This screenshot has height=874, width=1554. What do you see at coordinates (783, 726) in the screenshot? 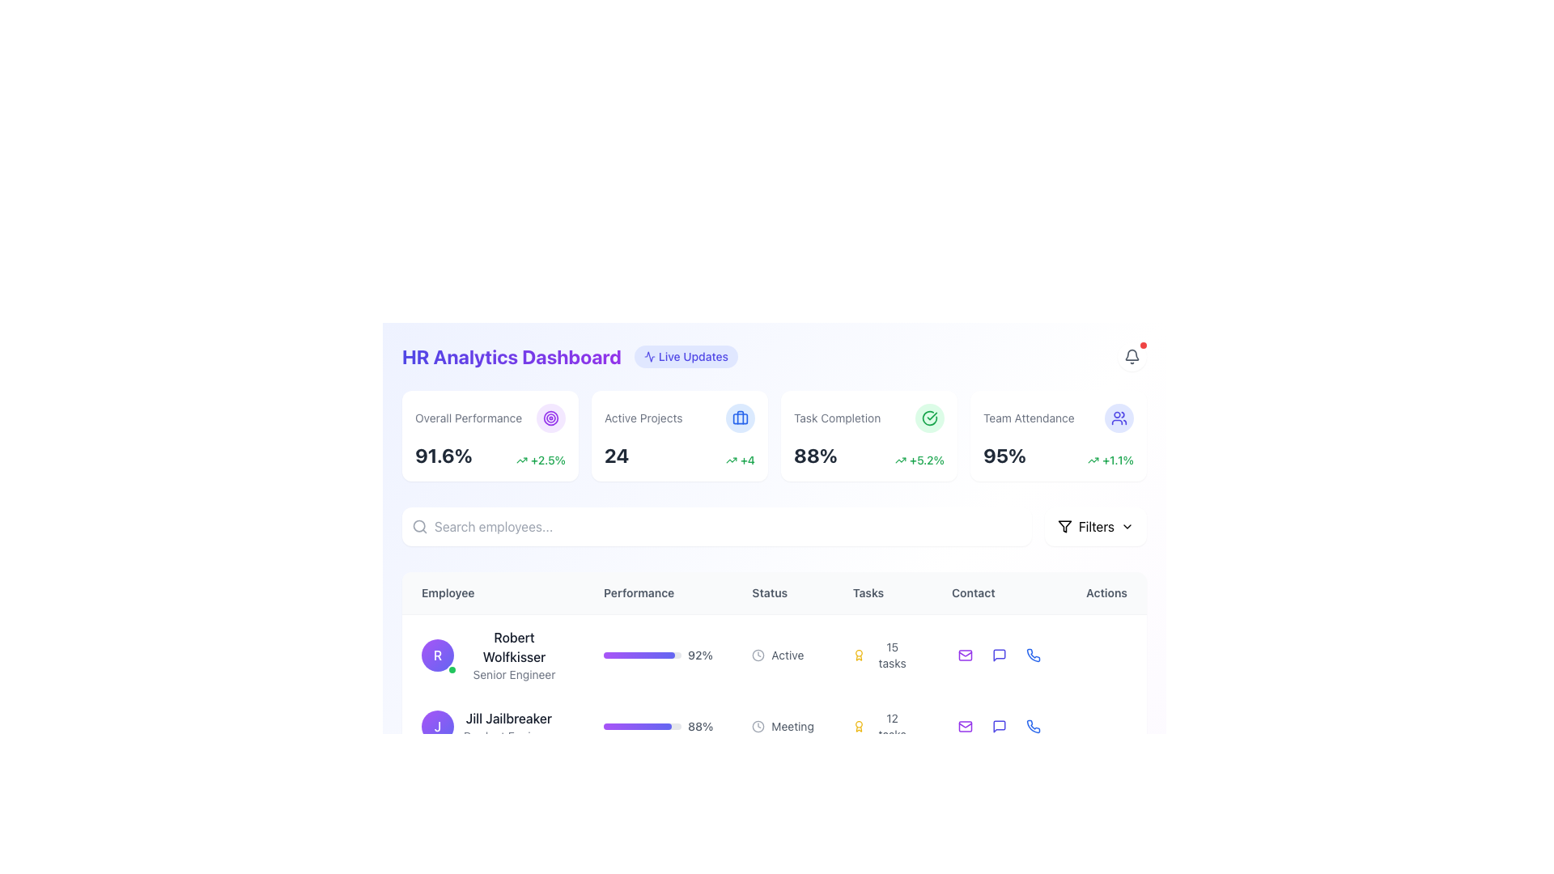
I see `the visual content of the text element displaying 'meeting' with a clock icon, located in the third column of the row for 'Jill Jailbreaker' in the Status field` at bounding box center [783, 726].